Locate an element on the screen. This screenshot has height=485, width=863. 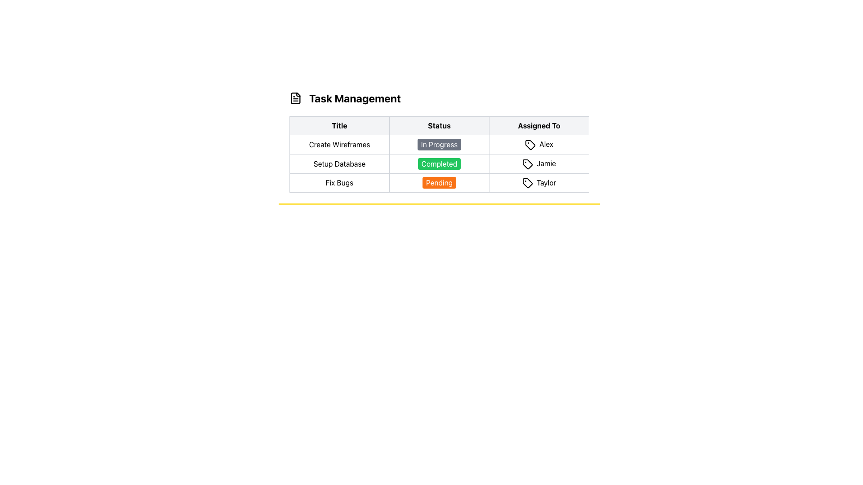
the status label indicating the progress of the task 'Create Wireframes' located in the second column of the table, first row is located at coordinates (439, 142).